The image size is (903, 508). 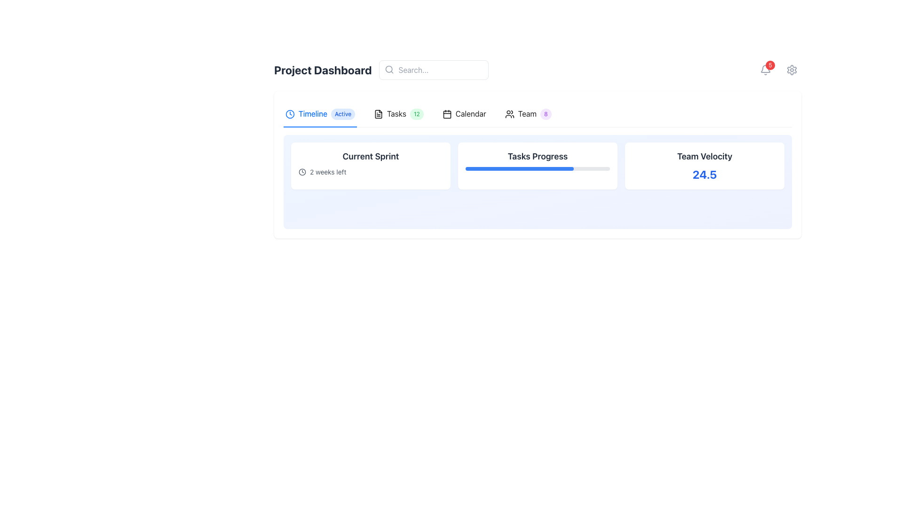 I want to click on the circular graphical element within the SVG component, which is part of the navigation tab near the 'Timeline' tab, so click(x=302, y=172).